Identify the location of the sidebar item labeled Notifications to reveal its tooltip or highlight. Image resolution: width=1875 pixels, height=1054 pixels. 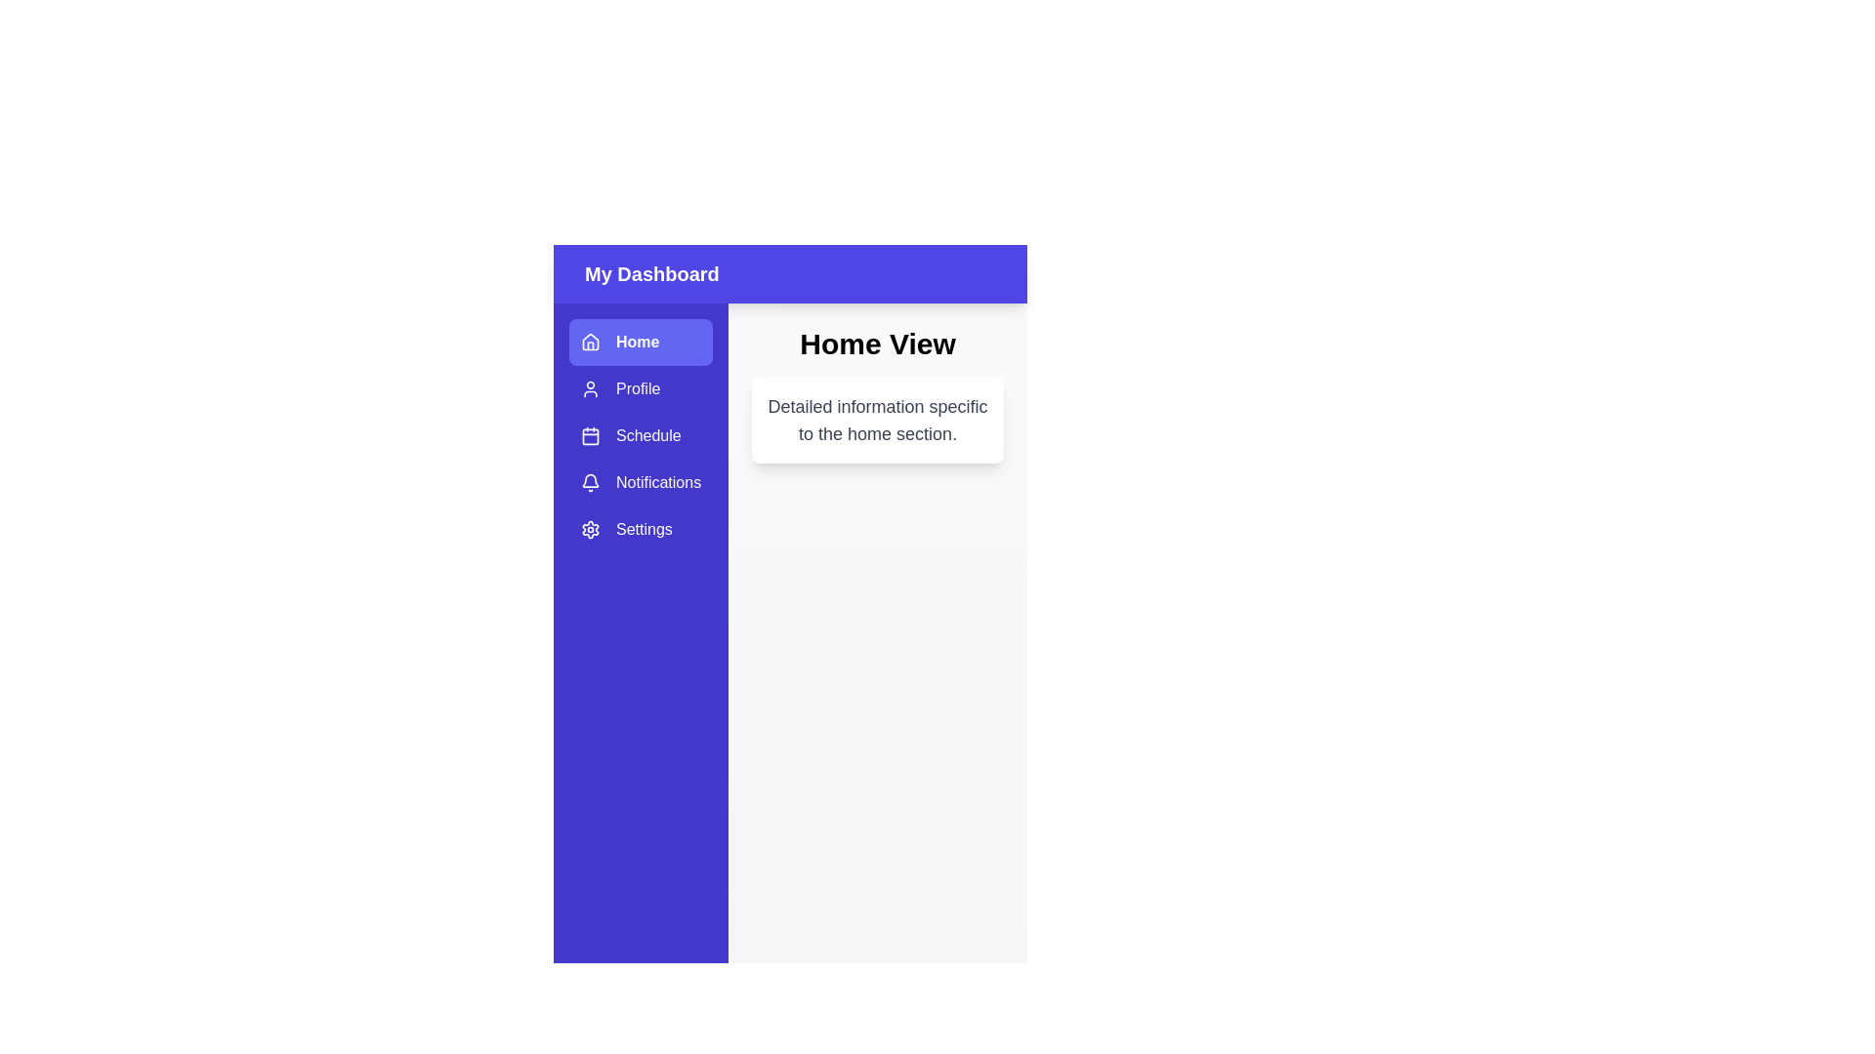
(641, 482).